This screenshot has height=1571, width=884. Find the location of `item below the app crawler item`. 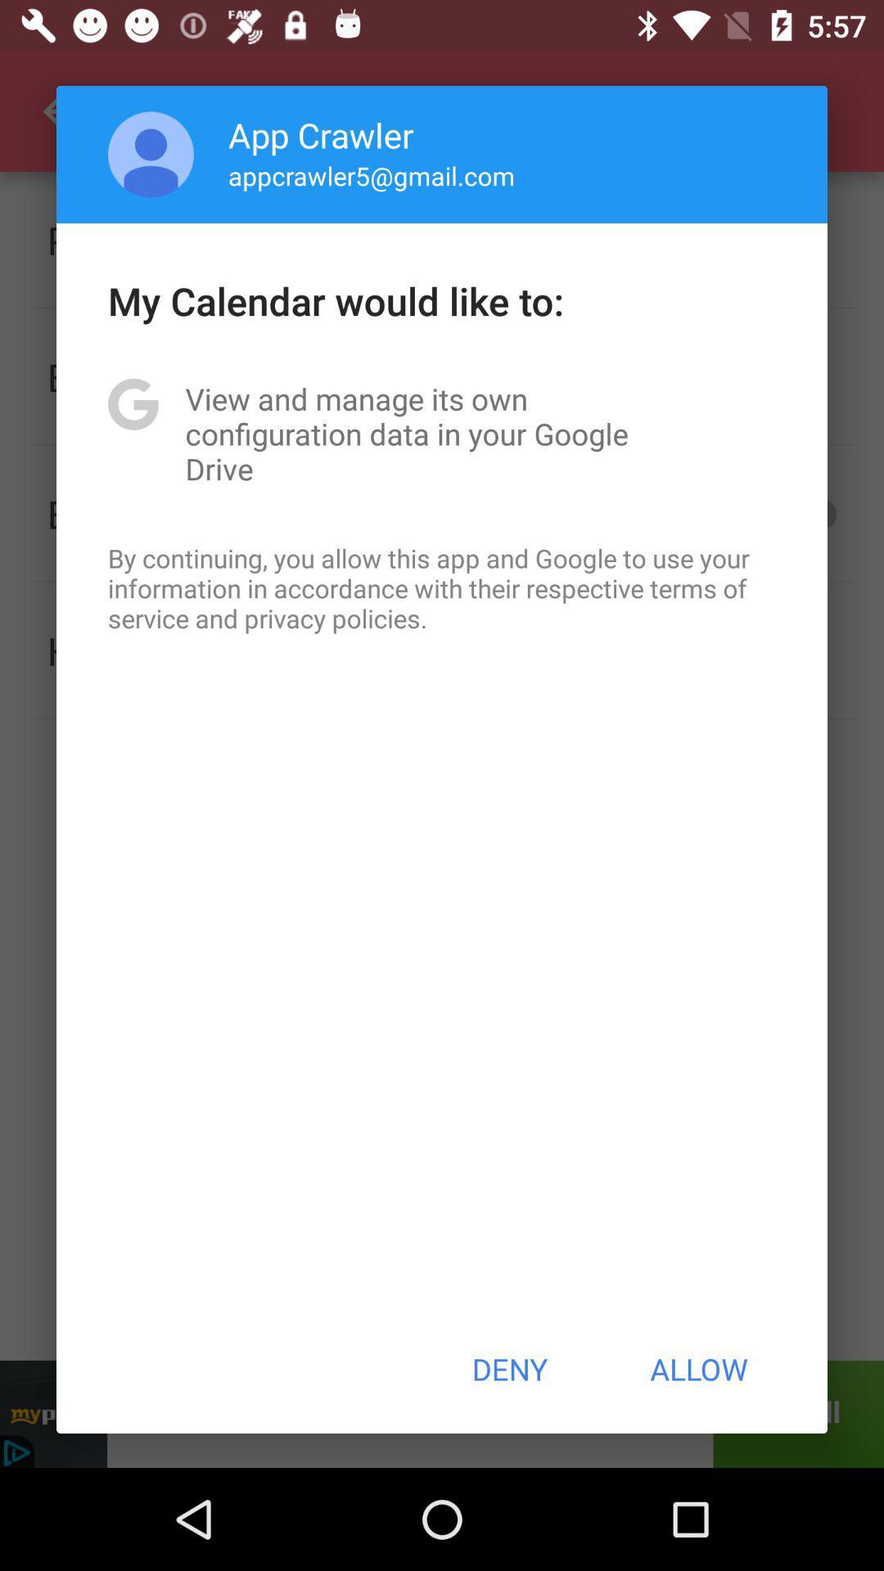

item below the app crawler item is located at coordinates (372, 175).